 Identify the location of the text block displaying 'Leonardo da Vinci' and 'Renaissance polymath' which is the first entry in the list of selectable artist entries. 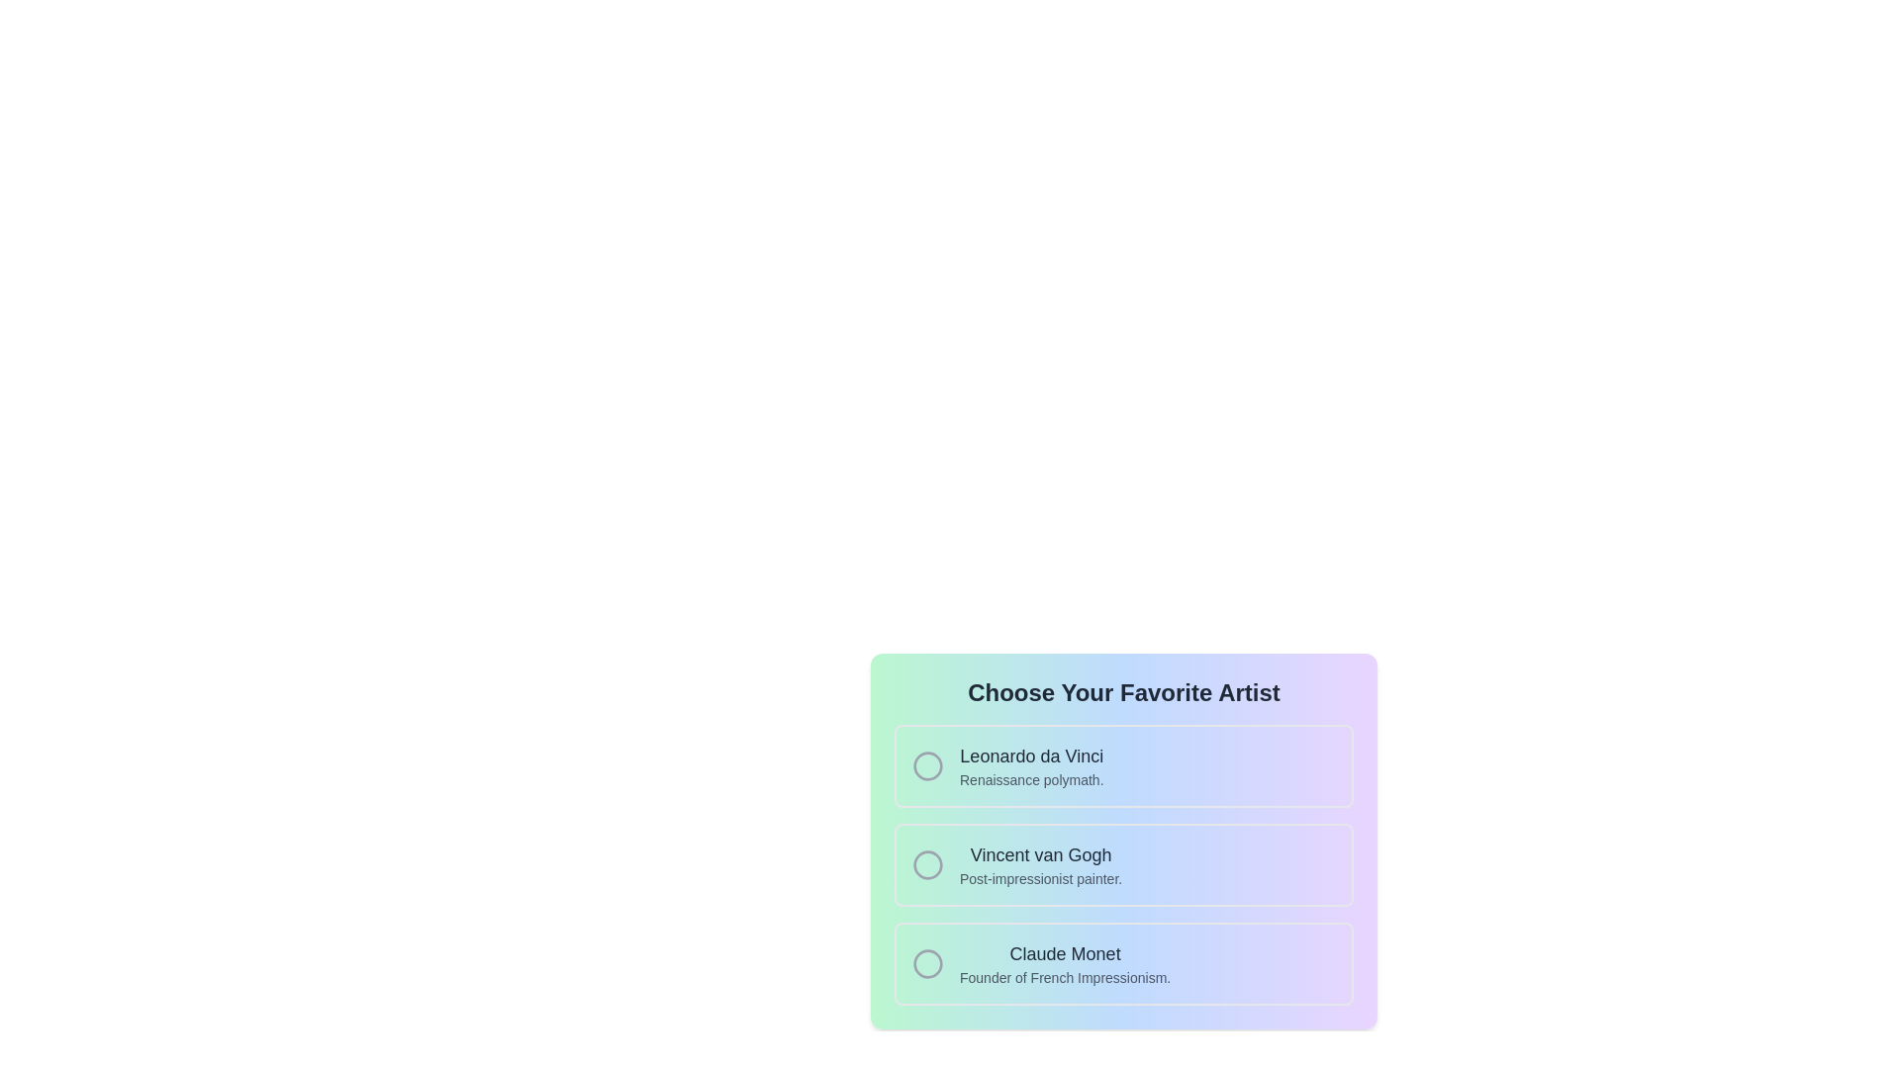
(1030, 765).